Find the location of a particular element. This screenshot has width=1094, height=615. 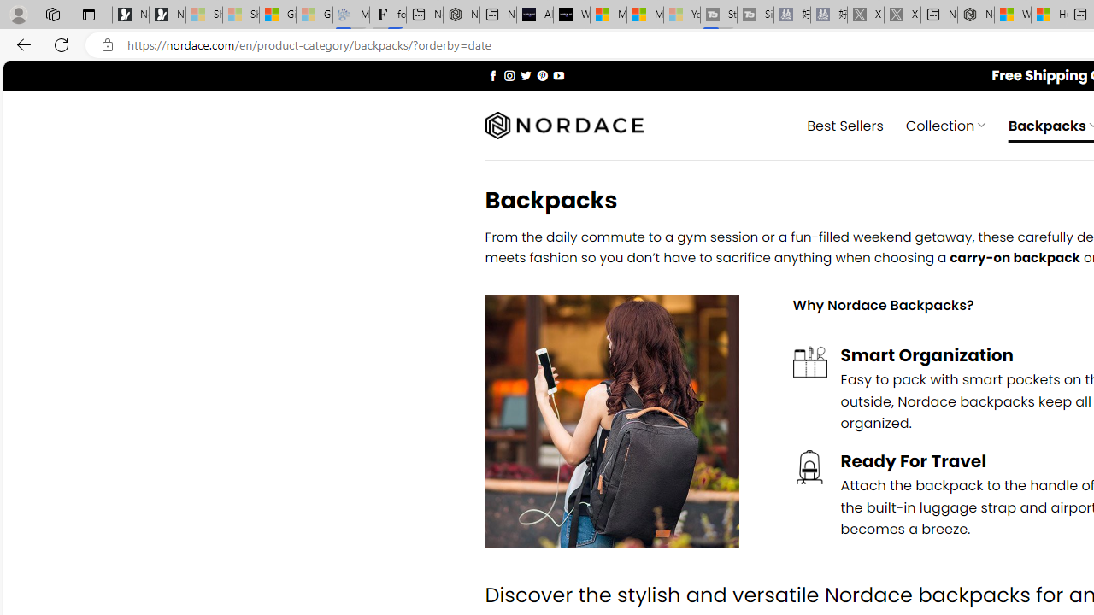

'Nordace - #1 Japanese Best-Seller - Siena Smart Backpack' is located at coordinates (461, 15).